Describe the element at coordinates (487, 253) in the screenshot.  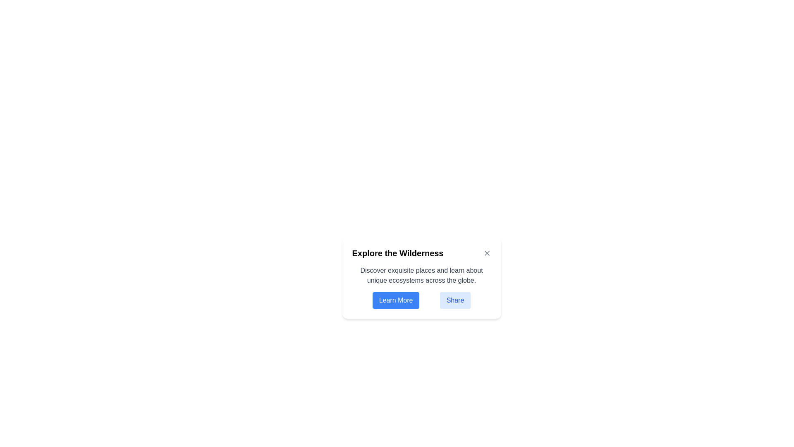
I see `the close button located at the top-right corner of the card containing the 'Explore the Wilderness' heading for keyboard interaction` at that location.